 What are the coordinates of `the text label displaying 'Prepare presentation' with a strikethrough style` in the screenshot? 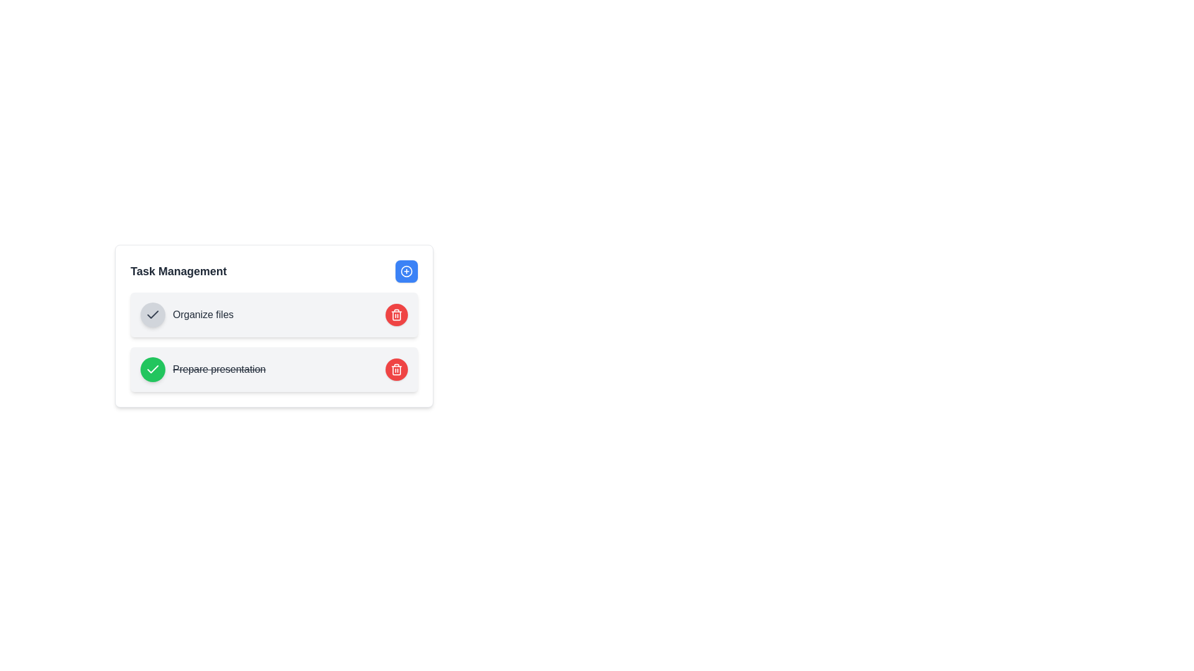 It's located at (203, 368).